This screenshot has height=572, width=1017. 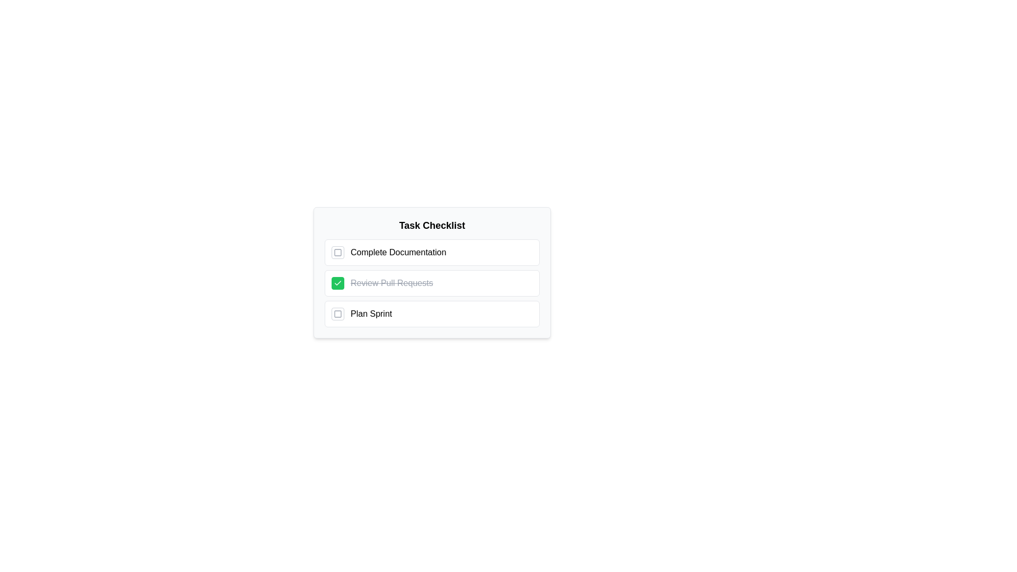 What do you see at coordinates (391, 283) in the screenshot?
I see `the completed task indicator text label for 'Review Pull Requests', which shows a strikethrough to signify it is done` at bounding box center [391, 283].